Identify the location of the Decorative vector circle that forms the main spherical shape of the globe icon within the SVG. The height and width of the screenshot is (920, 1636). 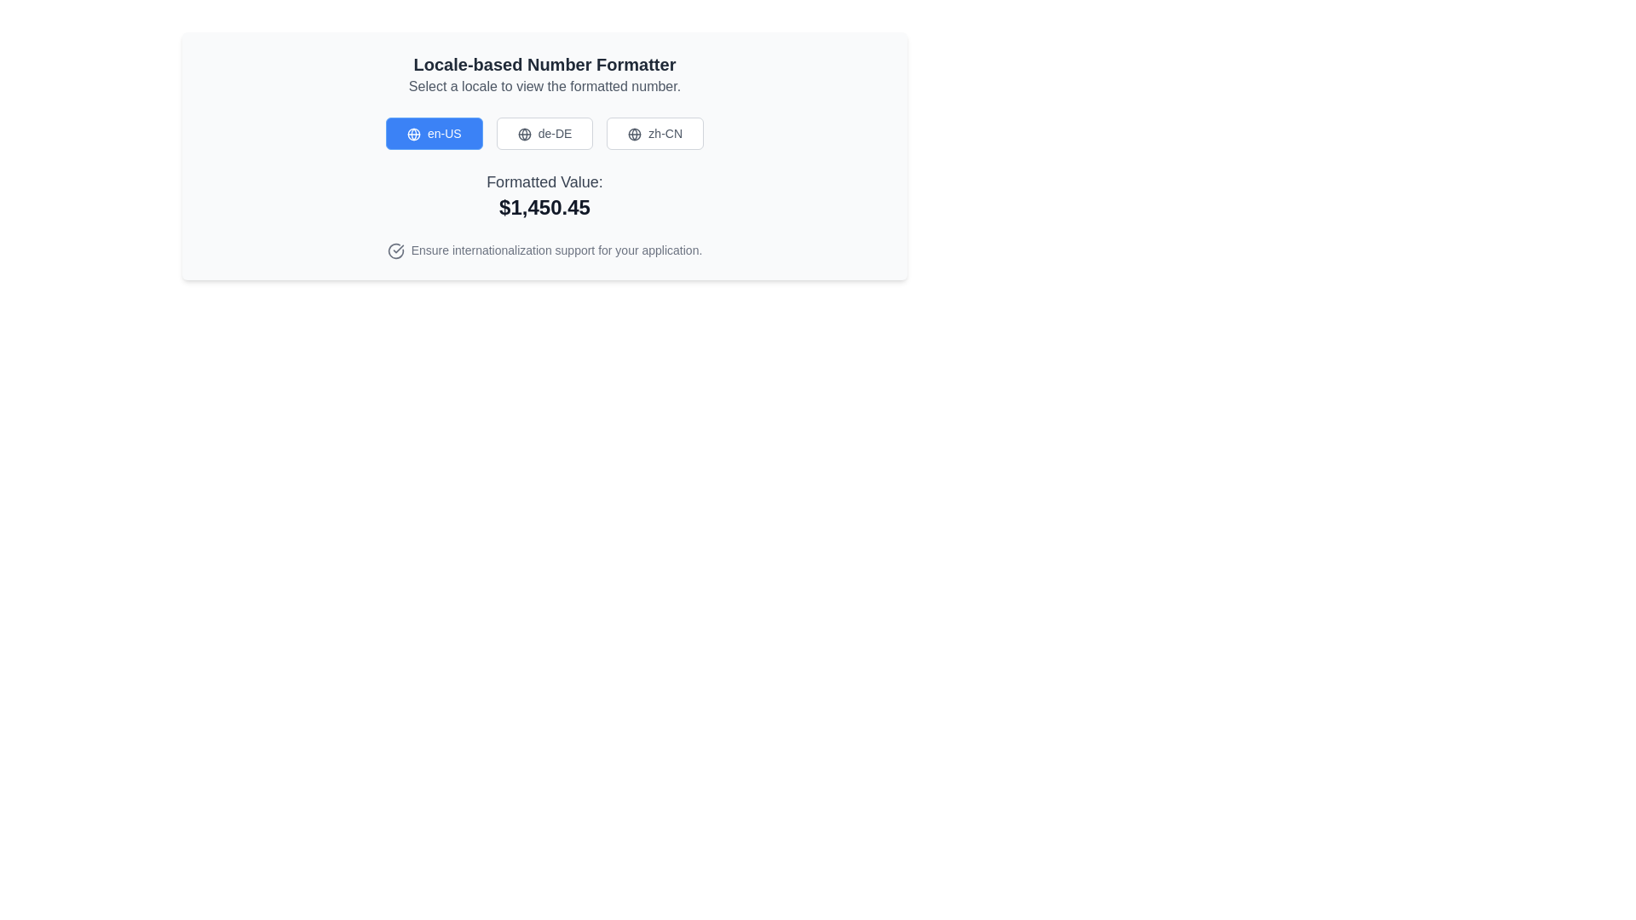
(634, 134).